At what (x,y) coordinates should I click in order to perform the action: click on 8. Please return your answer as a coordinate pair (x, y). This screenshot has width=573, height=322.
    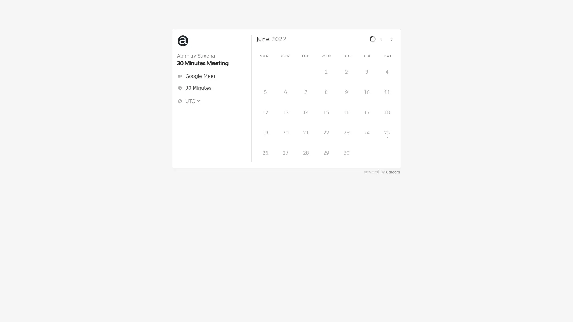
    Looking at the image, I should click on (326, 92).